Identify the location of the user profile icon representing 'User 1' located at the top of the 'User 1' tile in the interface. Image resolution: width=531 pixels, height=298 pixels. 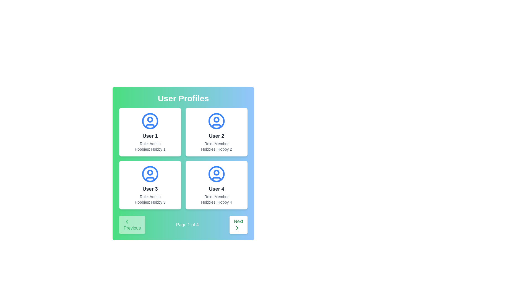
(150, 121).